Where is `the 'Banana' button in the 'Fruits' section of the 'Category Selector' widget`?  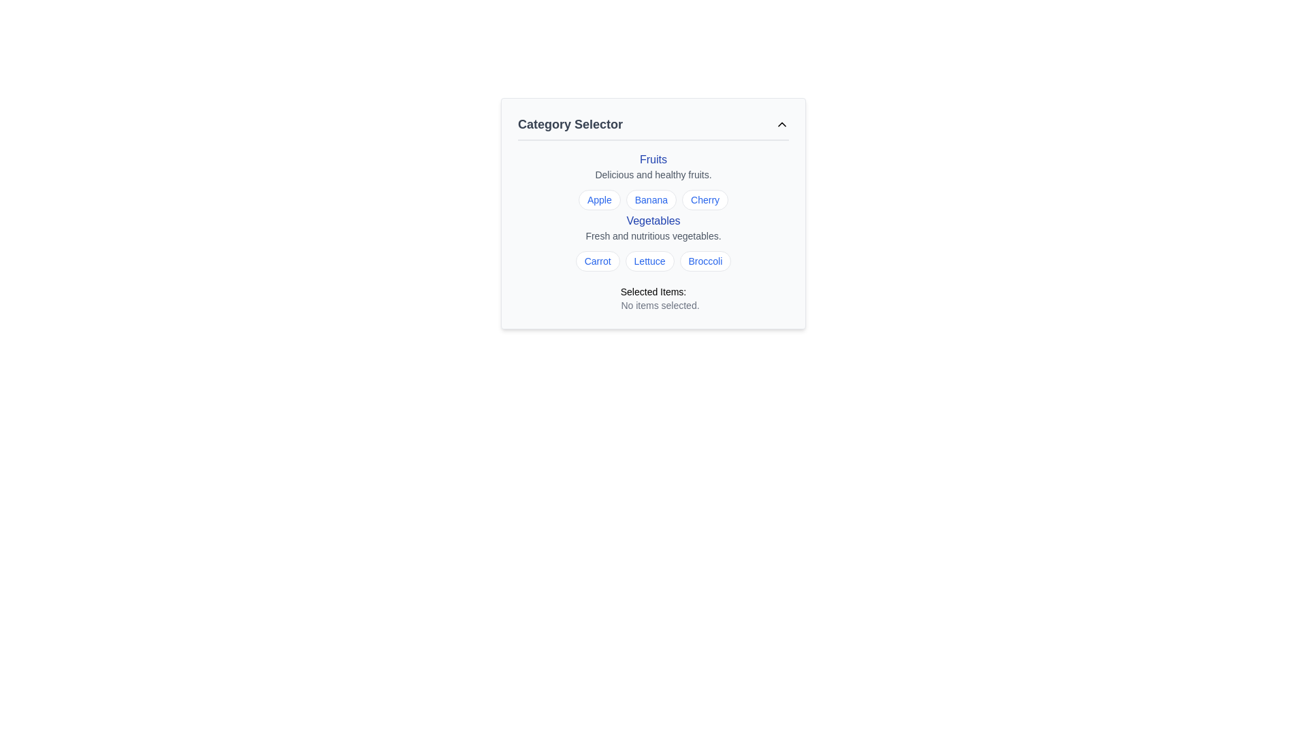 the 'Banana' button in the 'Fruits' section of the 'Category Selector' widget is located at coordinates (650, 199).